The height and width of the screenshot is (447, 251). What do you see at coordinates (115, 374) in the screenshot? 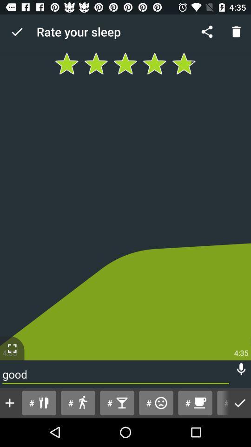
I see `the good icon` at bounding box center [115, 374].